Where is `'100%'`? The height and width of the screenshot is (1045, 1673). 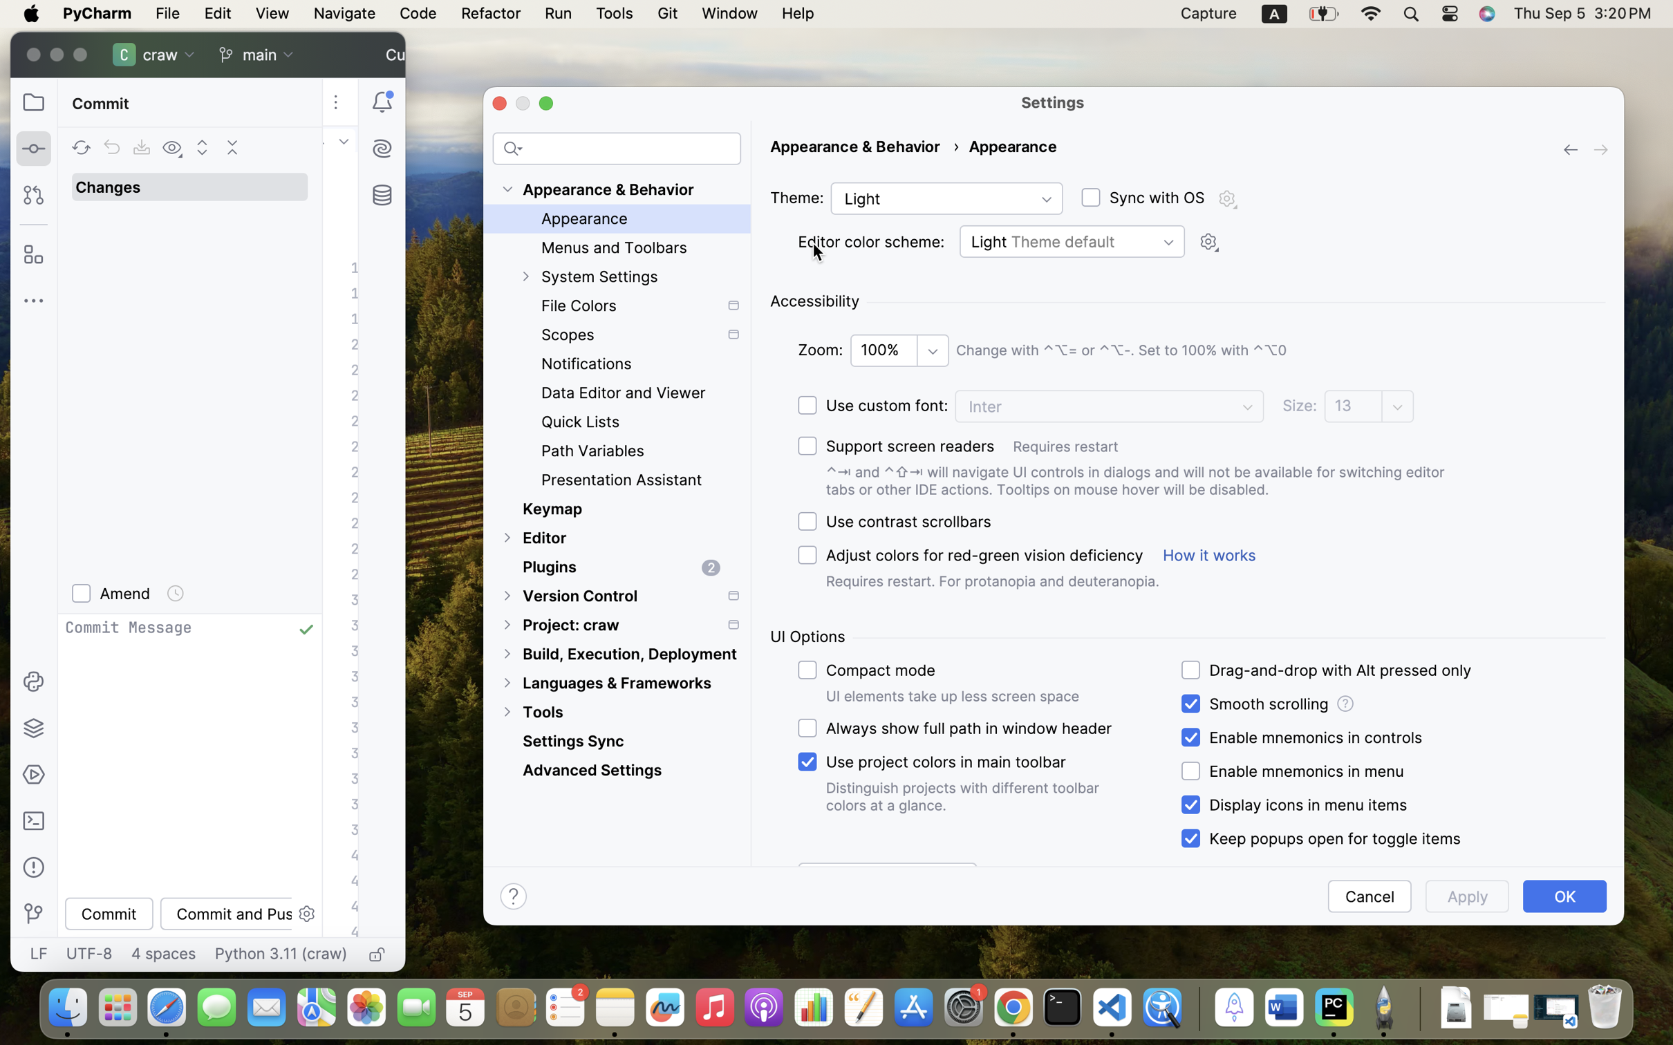 '100%' is located at coordinates (899, 350).